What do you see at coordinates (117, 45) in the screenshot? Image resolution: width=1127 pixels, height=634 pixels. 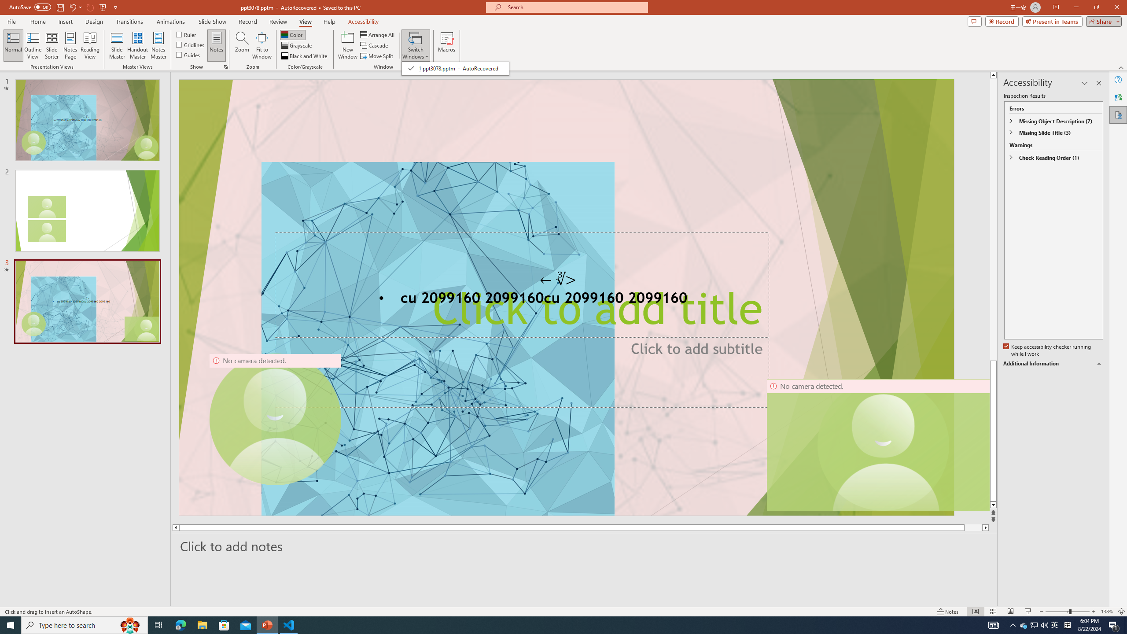 I see `'Slide Master'` at bounding box center [117, 45].